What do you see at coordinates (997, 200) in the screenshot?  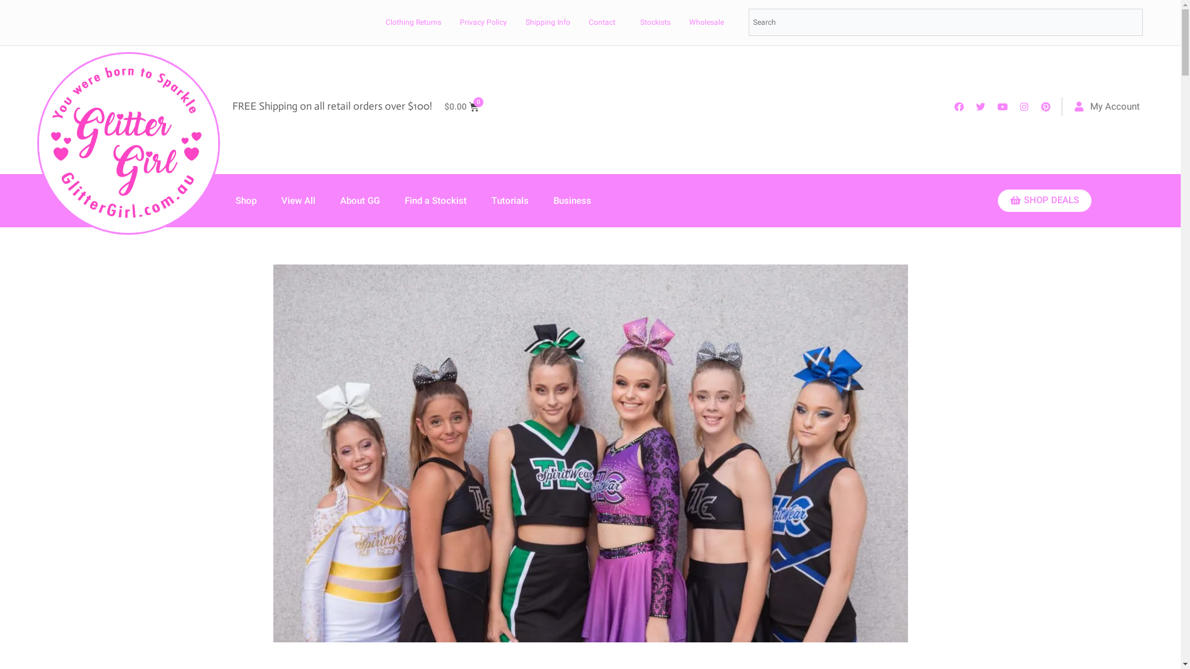 I see `'SHOP DEALS'` at bounding box center [997, 200].